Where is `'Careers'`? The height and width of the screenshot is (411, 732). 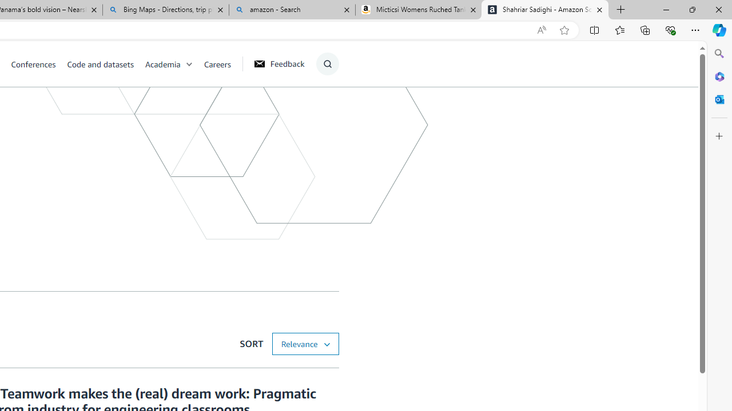
'Careers' is located at coordinates (217, 63).